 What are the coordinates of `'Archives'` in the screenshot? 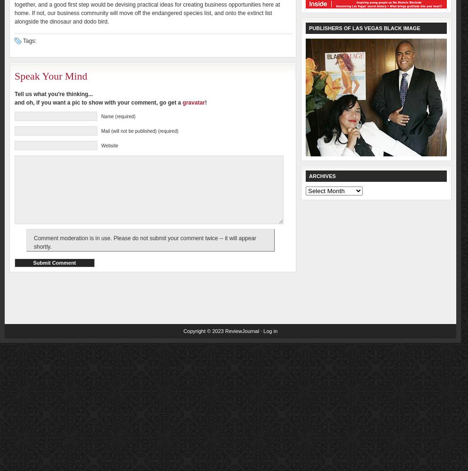 It's located at (321, 176).